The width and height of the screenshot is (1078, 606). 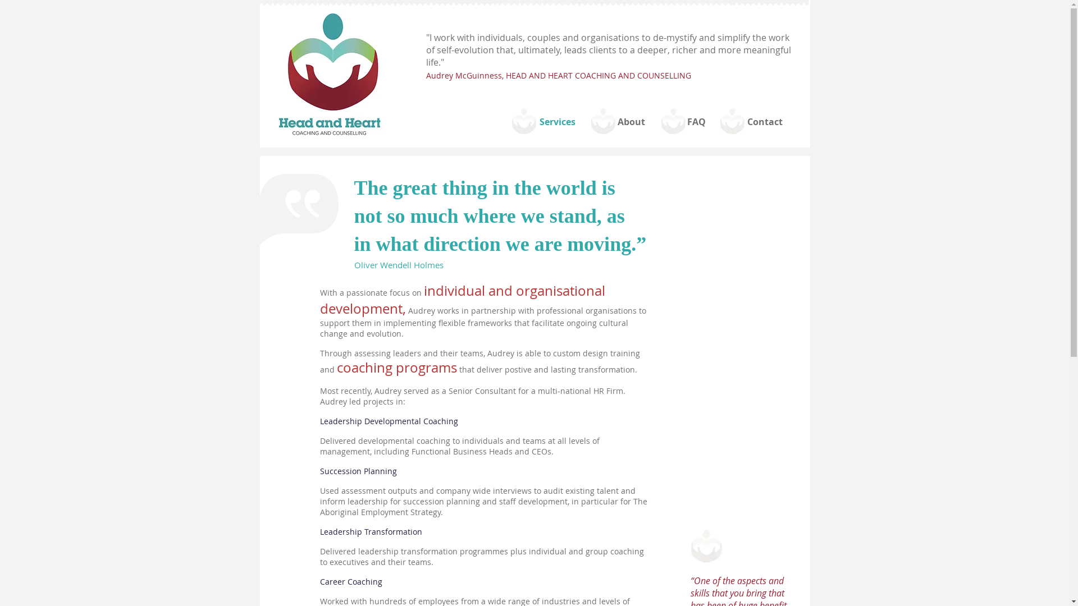 What do you see at coordinates (764, 122) in the screenshot?
I see `'Contact'` at bounding box center [764, 122].